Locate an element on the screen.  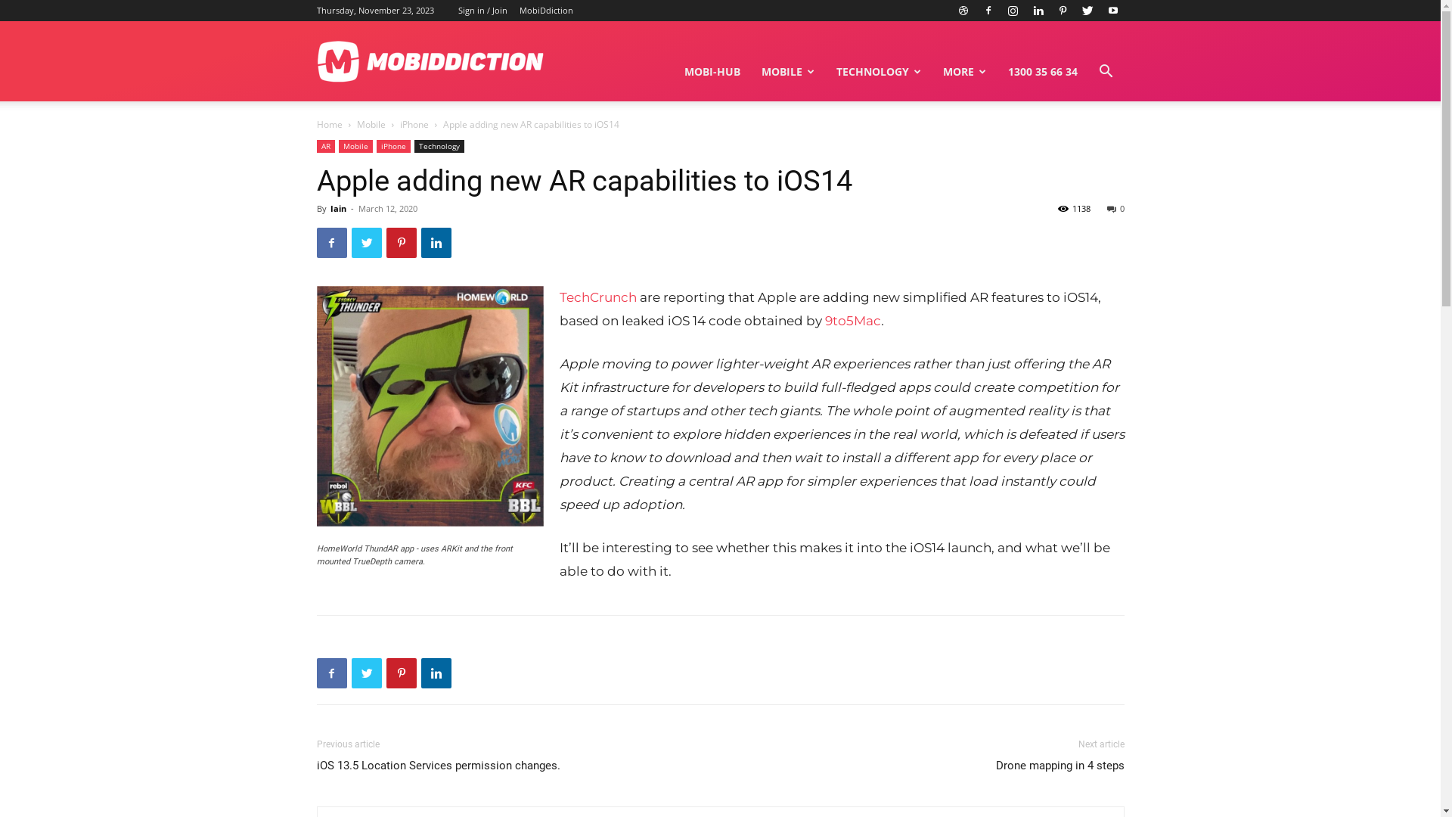
'Twitter' is located at coordinates (366, 673).